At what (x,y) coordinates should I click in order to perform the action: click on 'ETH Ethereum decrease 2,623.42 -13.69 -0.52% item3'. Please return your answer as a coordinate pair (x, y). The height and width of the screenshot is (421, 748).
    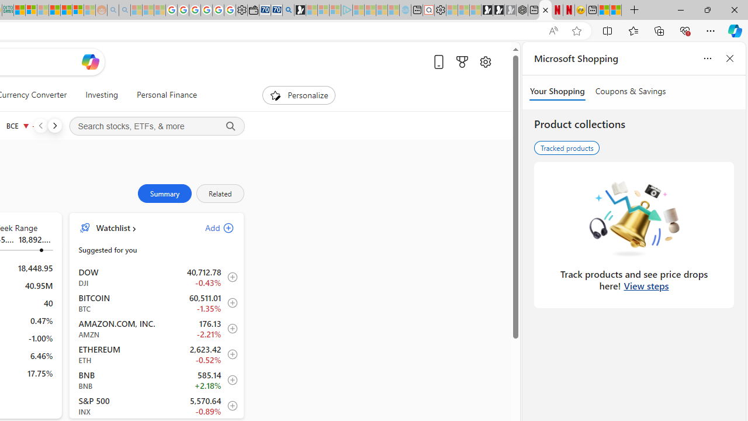
    Looking at the image, I should click on (156, 353).